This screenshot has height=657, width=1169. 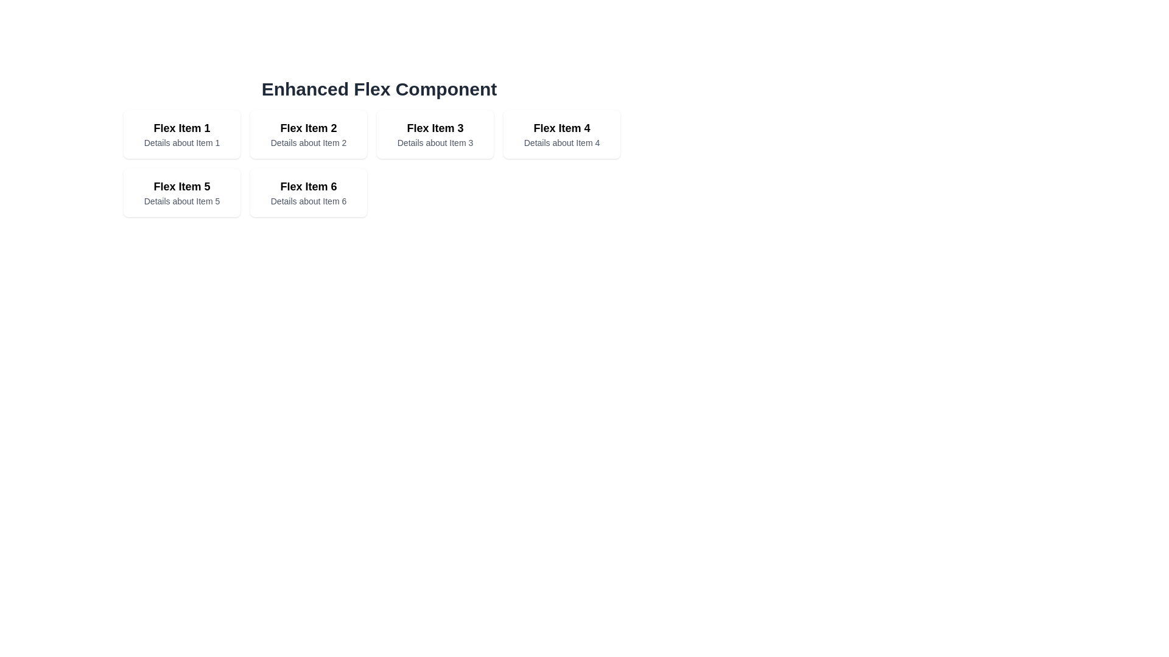 I want to click on the descriptive text element located within 'Flex Item 4', positioned in the top row and fourth column of the grid layout, so click(x=561, y=142).